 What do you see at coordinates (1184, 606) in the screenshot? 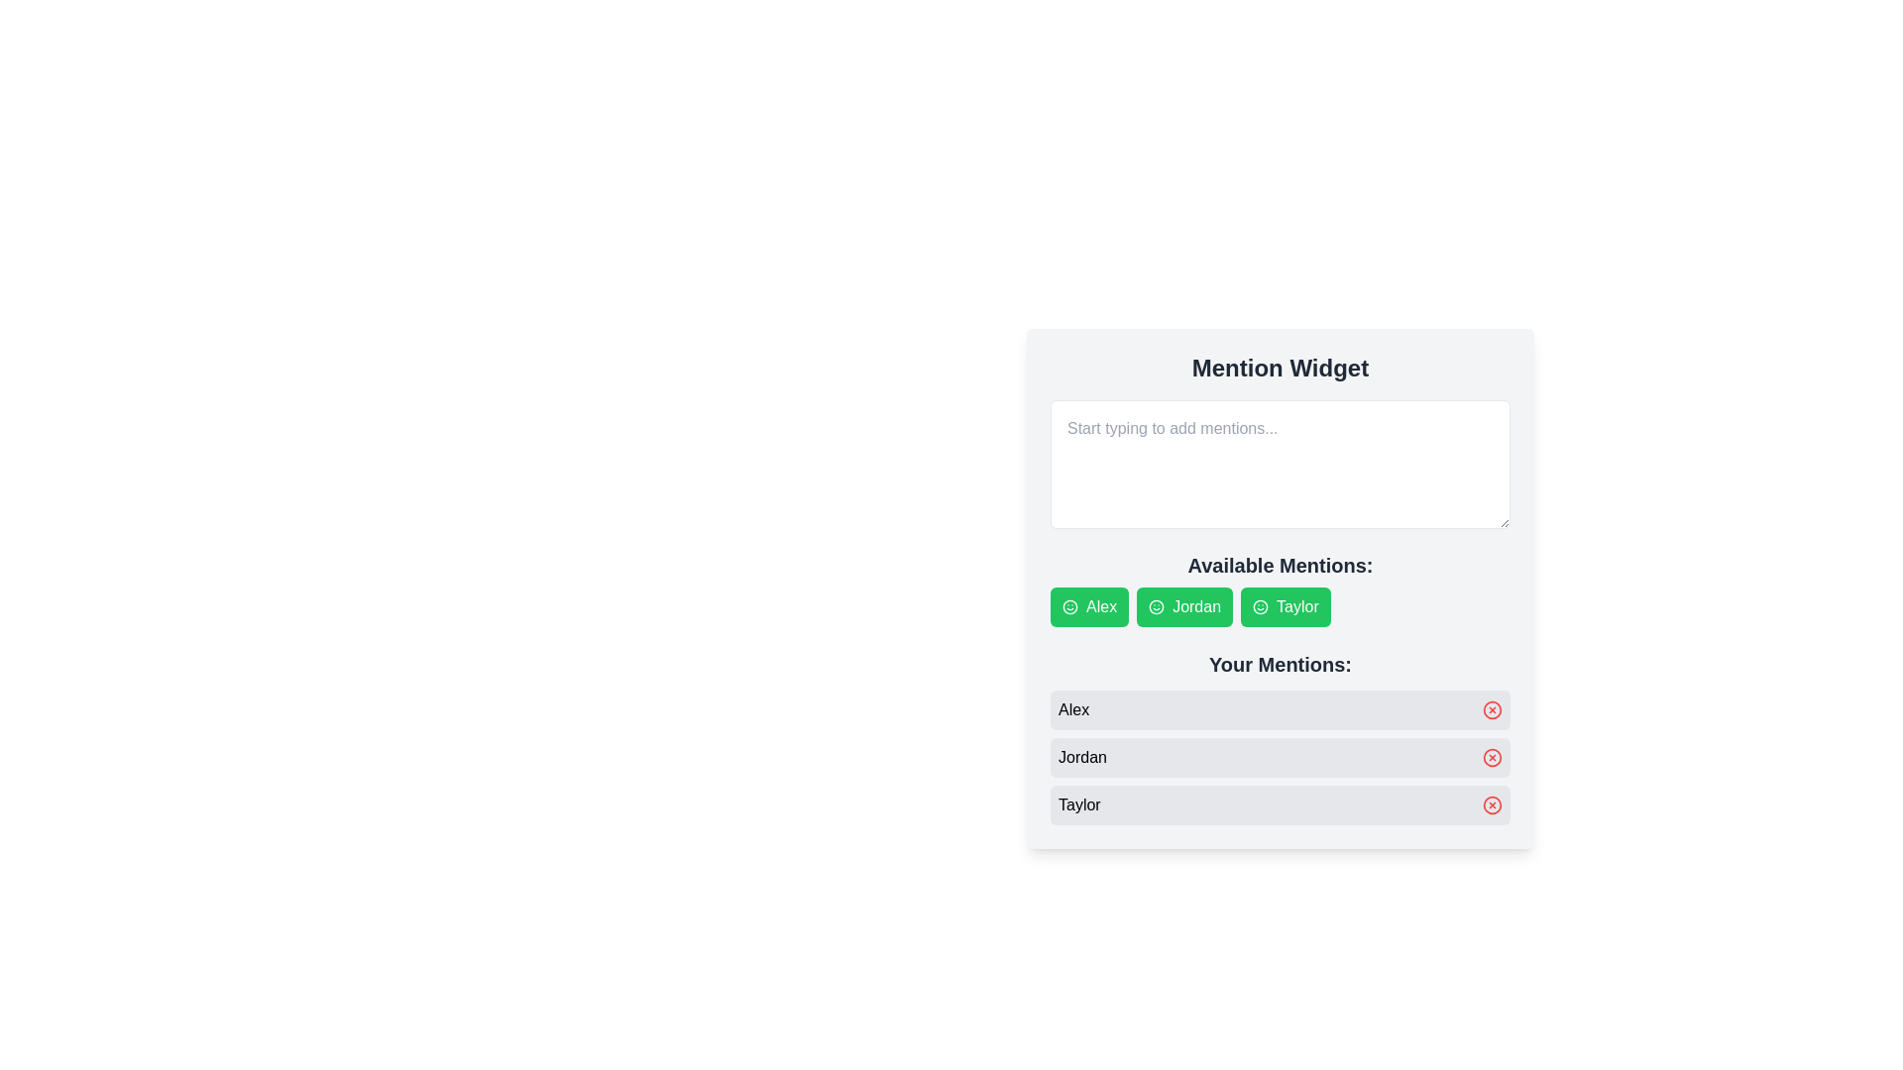
I see `the second button labeled 'Jordan' in the 'Available Mentions' section` at bounding box center [1184, 606].